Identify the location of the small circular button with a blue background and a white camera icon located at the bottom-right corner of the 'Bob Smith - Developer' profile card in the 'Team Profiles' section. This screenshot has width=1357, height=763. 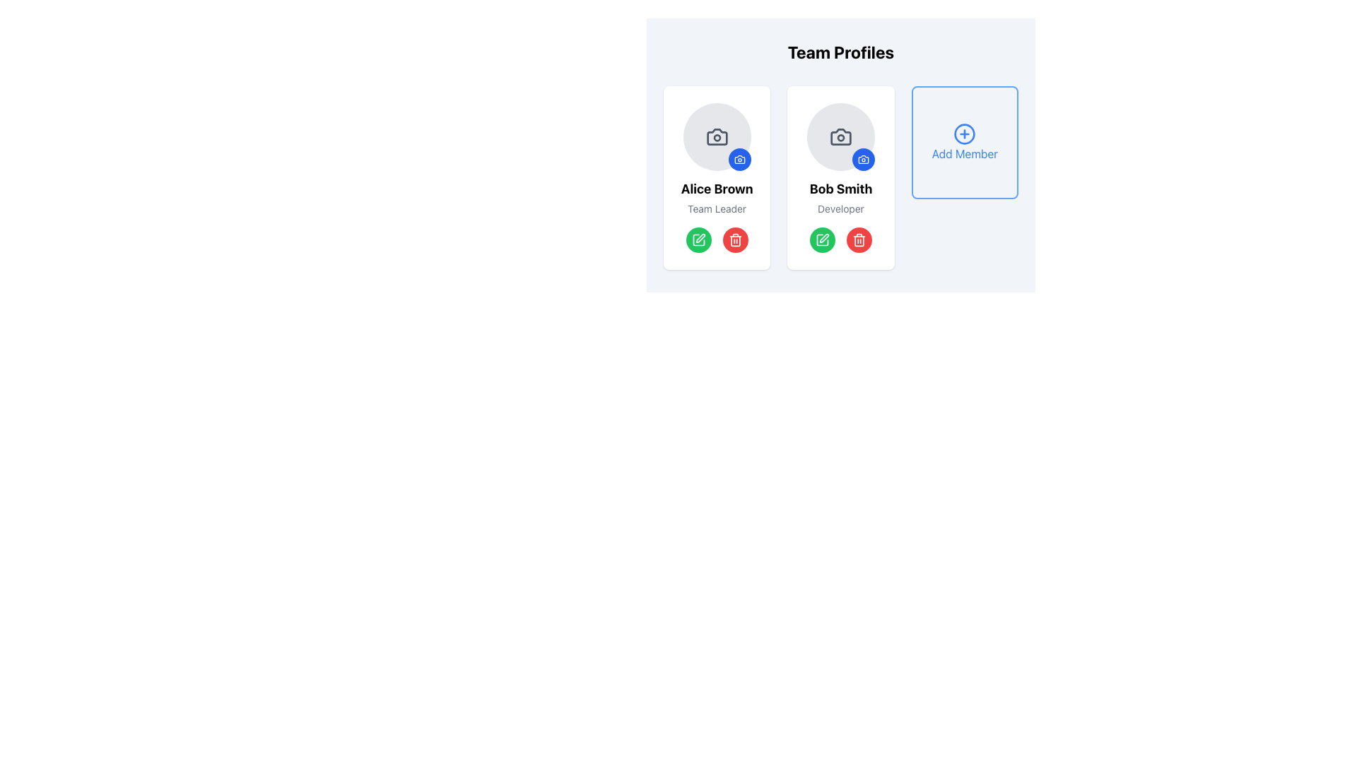
(862, 159).